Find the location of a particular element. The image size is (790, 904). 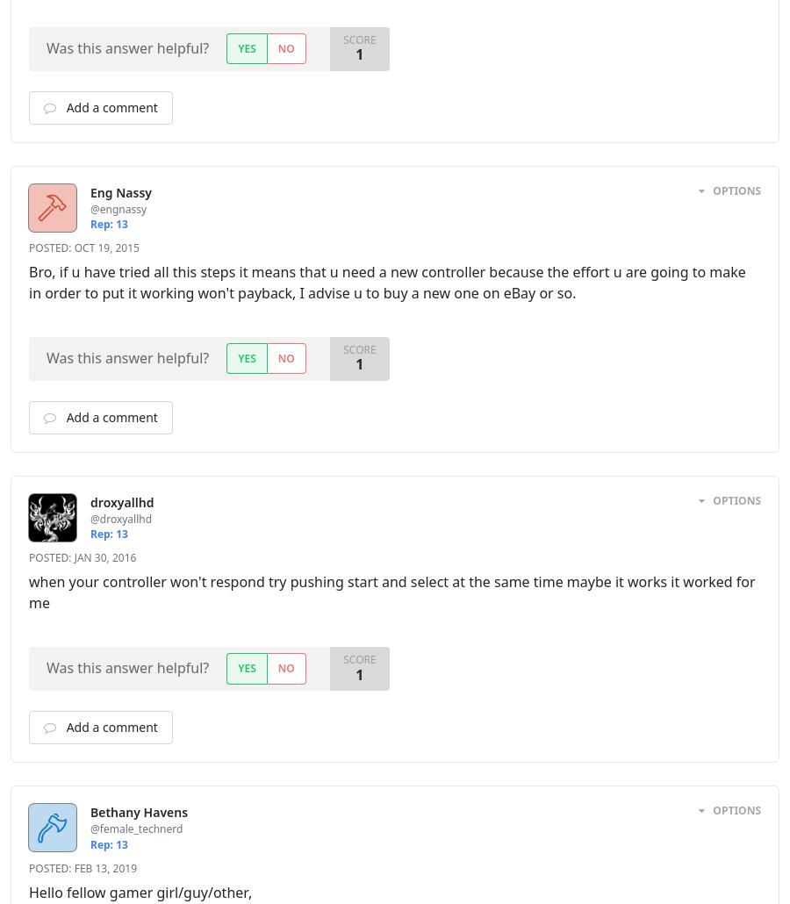

'Hello fellow gamer girl/guy/other,' is located at coordinates (140, 890).